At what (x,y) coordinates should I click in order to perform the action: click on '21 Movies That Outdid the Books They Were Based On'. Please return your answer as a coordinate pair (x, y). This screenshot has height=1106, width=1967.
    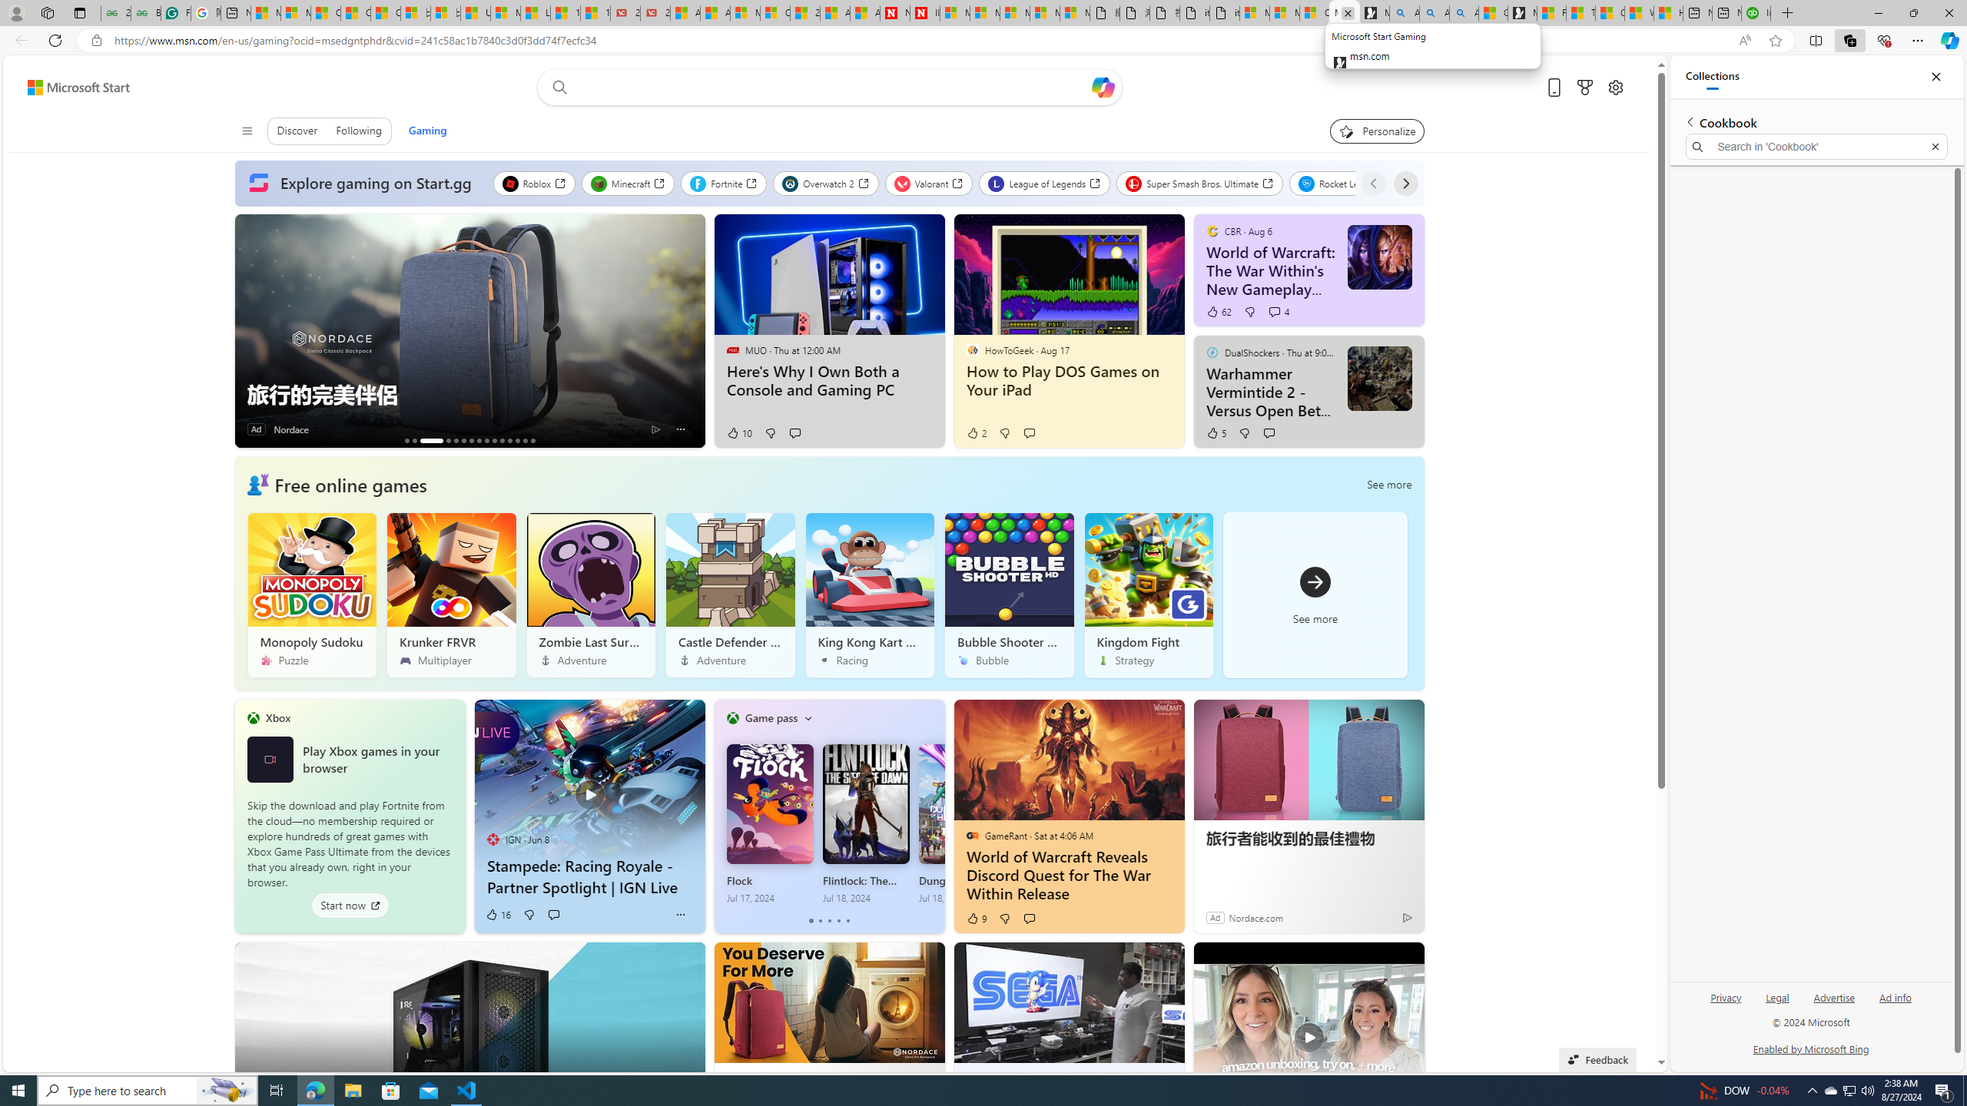
    Looking at the image, I should click on (654, 12).